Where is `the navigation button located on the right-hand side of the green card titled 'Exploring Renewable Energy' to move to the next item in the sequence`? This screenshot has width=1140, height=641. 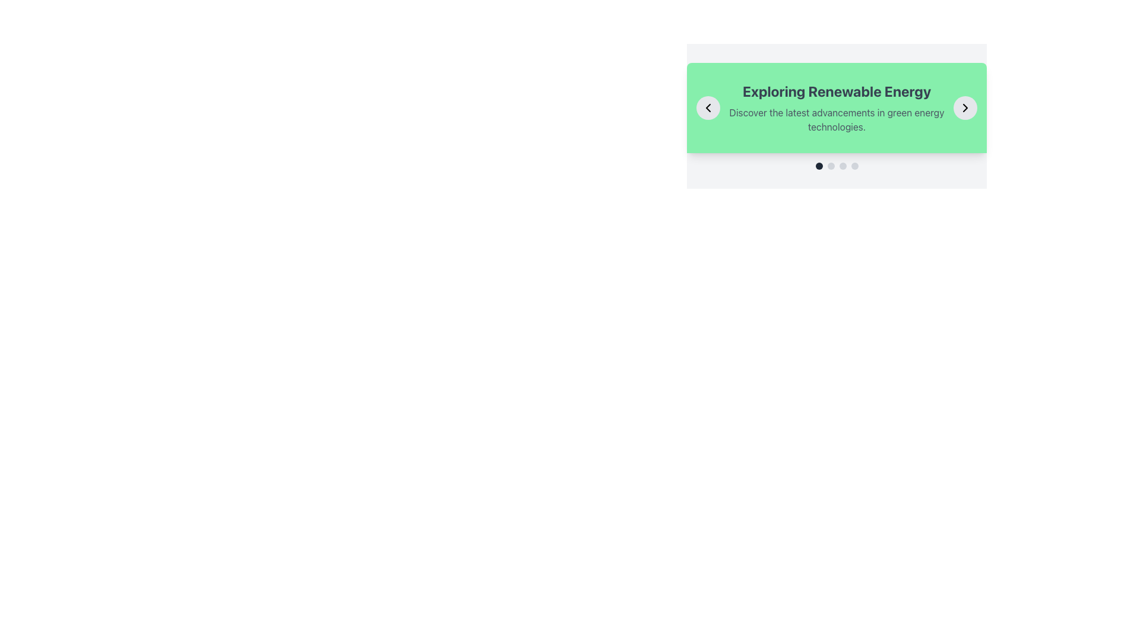
the navigation button located on the right-hand side of the green card titled 'Exploring Renewable Energy' to move to the next item in the sequence is located at coordinates (965, 107).